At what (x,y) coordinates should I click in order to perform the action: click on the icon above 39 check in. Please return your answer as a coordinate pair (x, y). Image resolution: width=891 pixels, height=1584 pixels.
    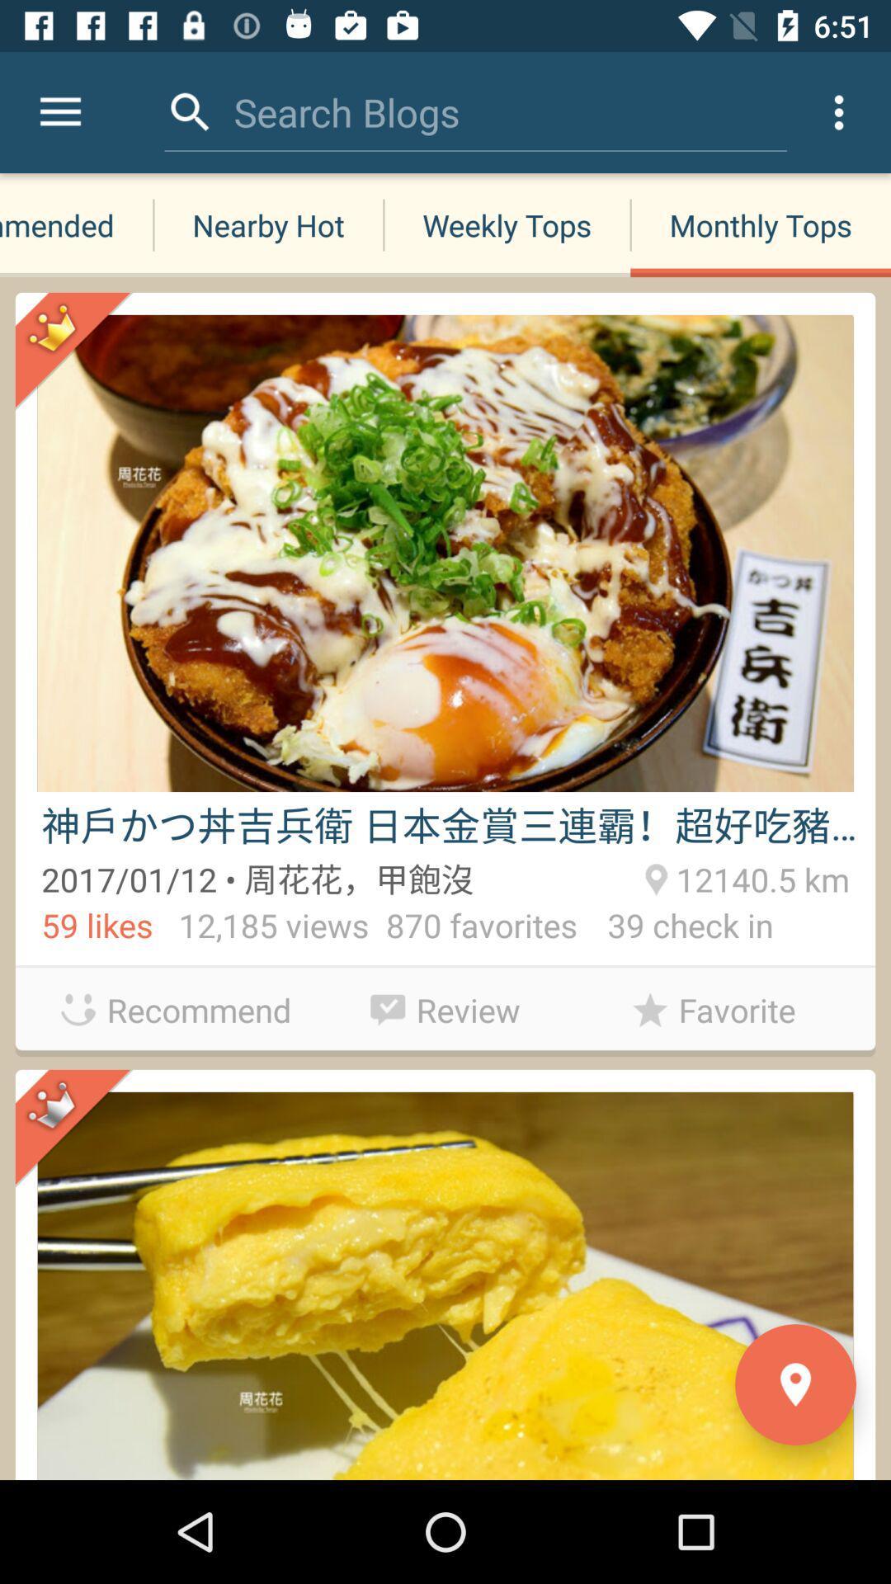
    Looking at the image, I should click on (760, 876).